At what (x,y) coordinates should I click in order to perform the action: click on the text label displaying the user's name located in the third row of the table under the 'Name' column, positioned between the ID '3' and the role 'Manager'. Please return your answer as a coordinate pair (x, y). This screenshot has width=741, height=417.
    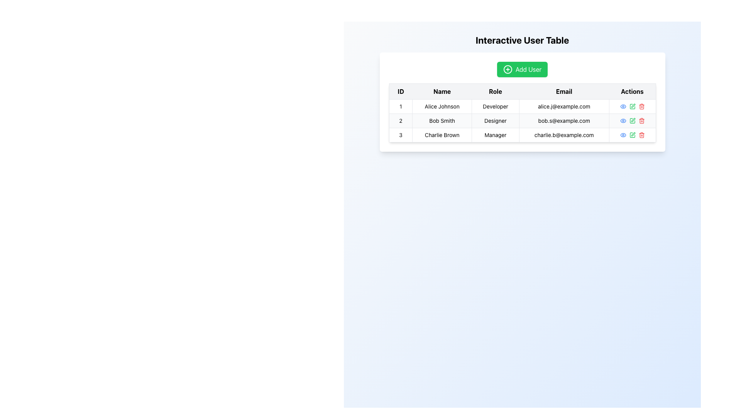
    Looking at the image, I should click on (442, 135).